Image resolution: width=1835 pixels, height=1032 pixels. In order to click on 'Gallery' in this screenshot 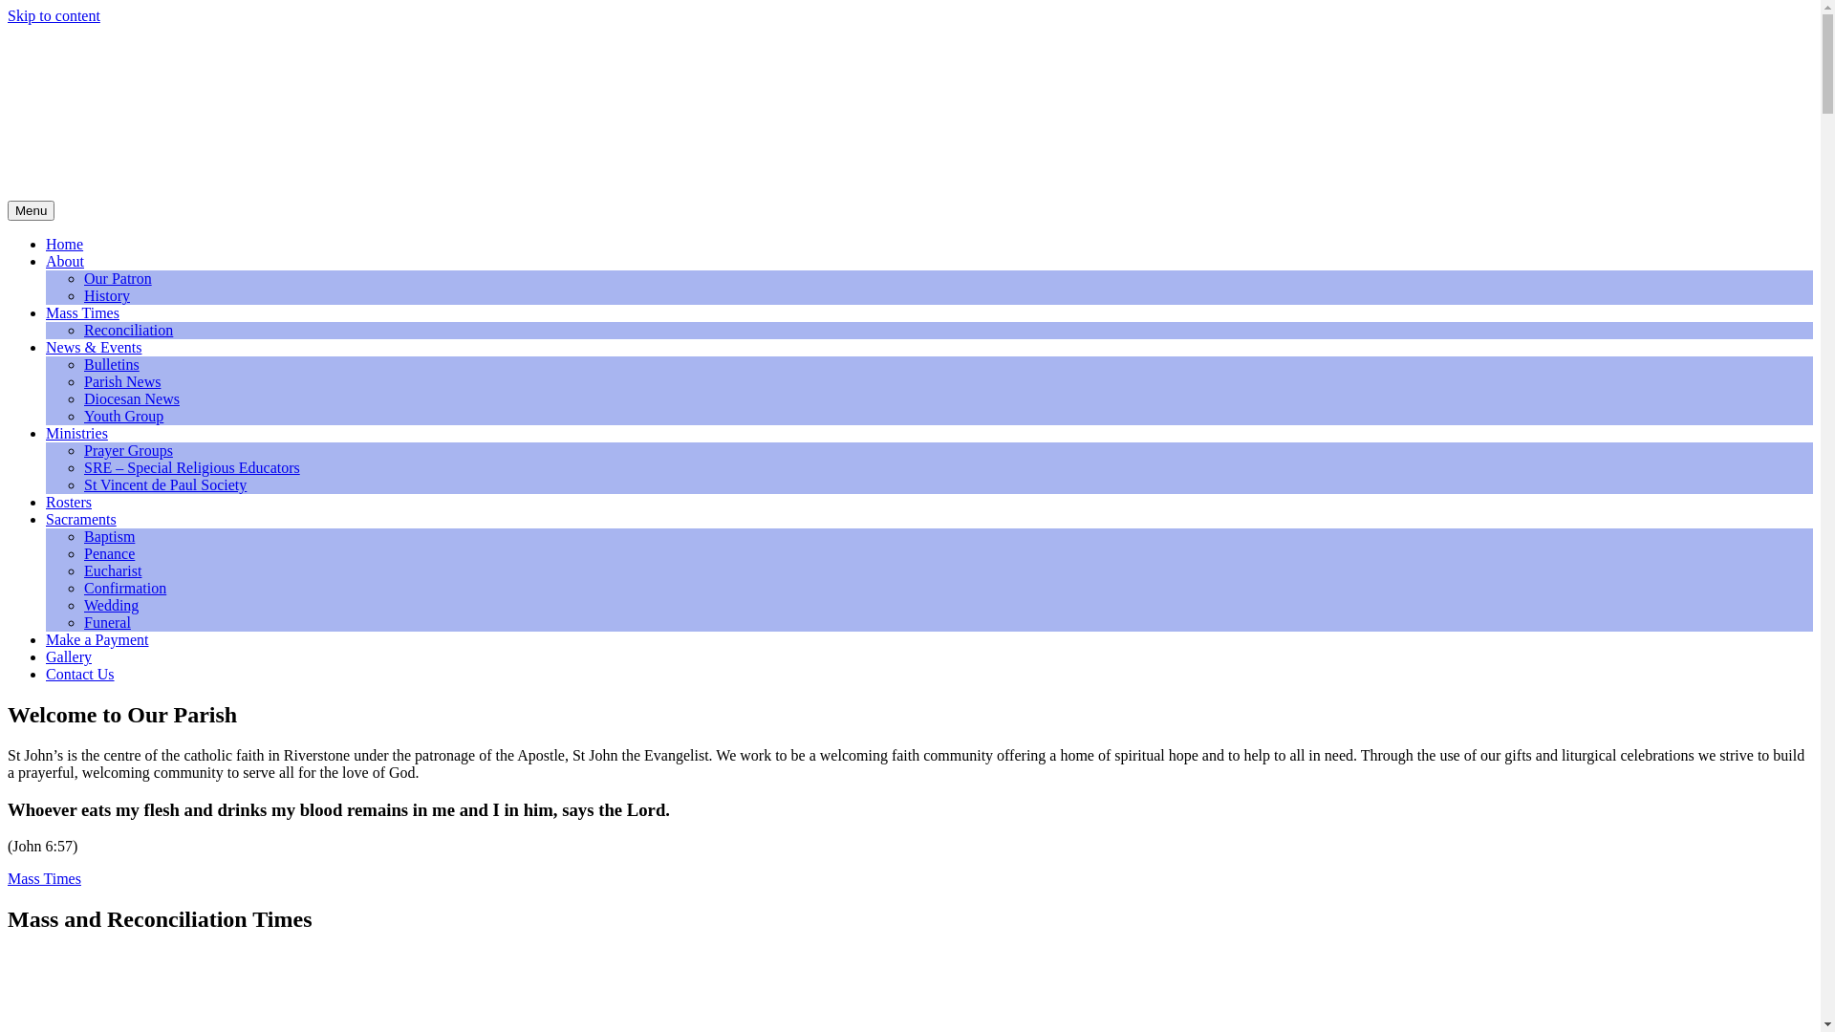, I will do `click(69, 656)`.